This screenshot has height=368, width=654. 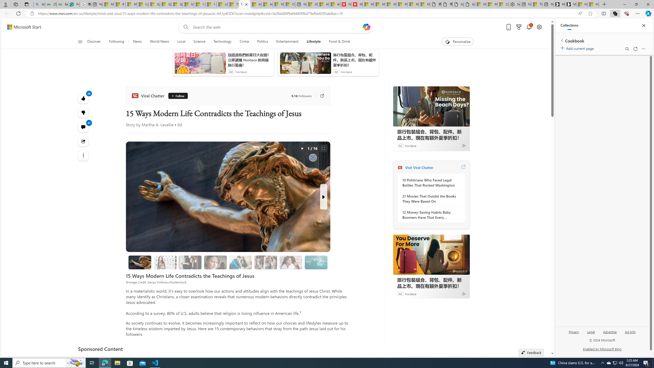 I want to click on 'Illness news & latest pictures from Newsweek.com', so click(x=357, y=4).